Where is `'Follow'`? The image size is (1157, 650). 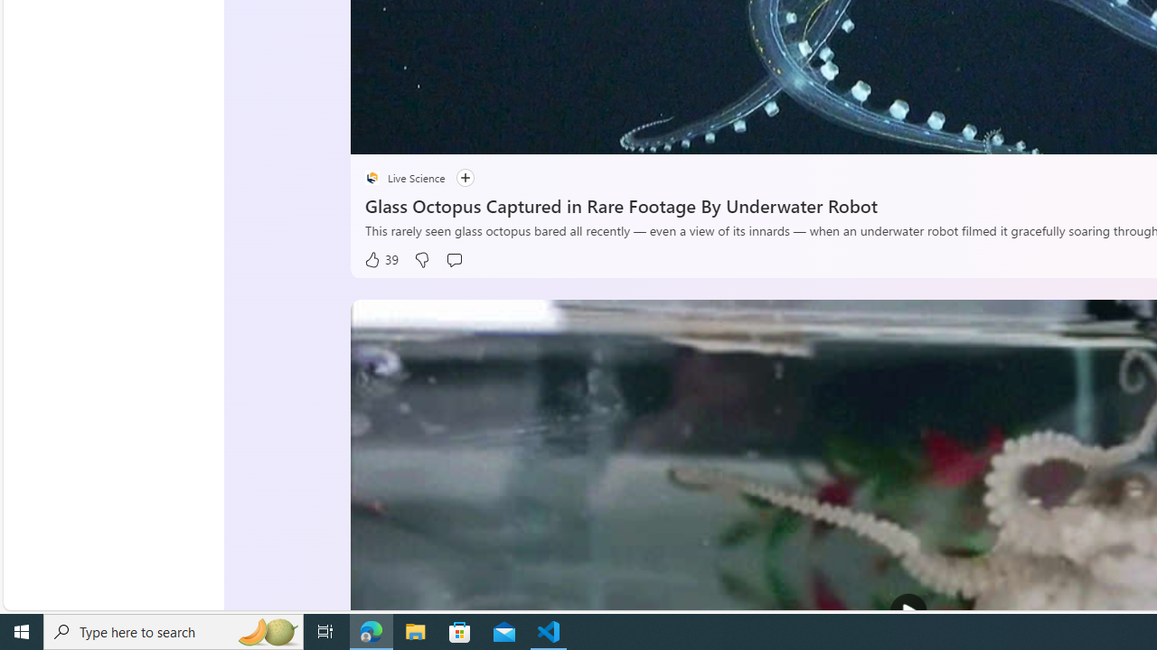 'Follow' is located at coordinates (465, 178).